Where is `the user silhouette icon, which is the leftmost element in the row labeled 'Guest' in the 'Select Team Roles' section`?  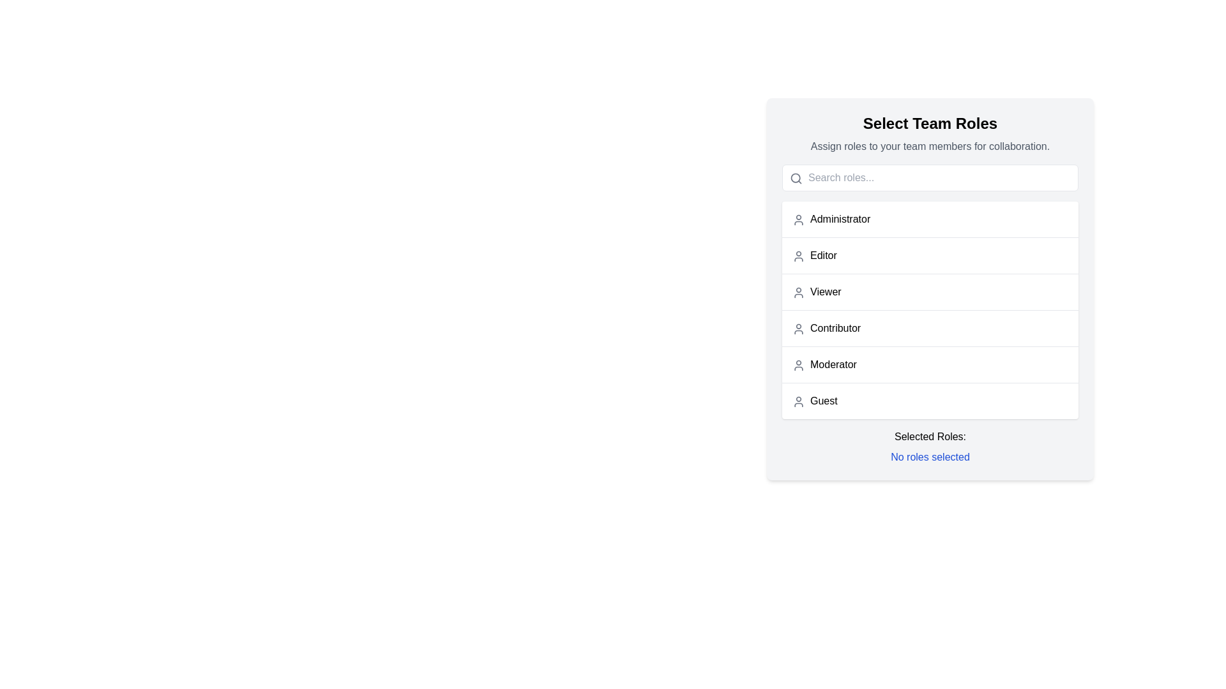 the user silhouette icon, which is the leftmost element in the row labeled 'Guest' in the 'Select Team Roles' section is located at coordinates (798, 400).